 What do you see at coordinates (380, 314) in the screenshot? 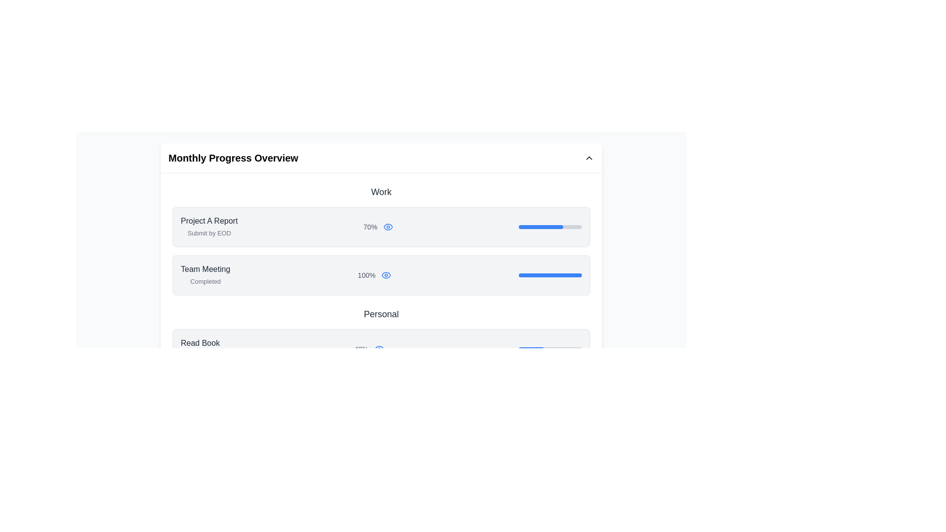
I see `the Text Label that serves as a category header for progress items in the 'Monthly Progress Overview', situated between 'Work' and 'Read Book' sections` at bounding box center [380, 314].